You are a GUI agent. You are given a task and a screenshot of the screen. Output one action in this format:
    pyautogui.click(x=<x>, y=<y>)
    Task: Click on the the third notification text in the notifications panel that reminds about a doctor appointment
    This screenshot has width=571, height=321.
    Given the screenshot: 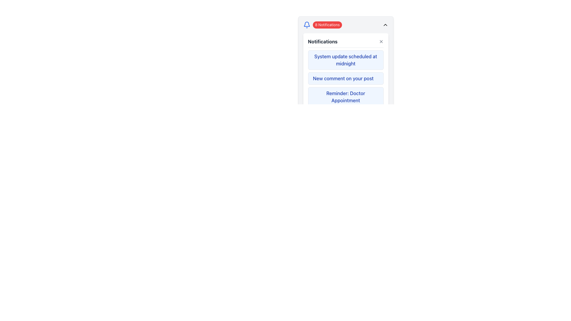 What is the action you would take?
    pyautogui.click(x=346, y=97)
    